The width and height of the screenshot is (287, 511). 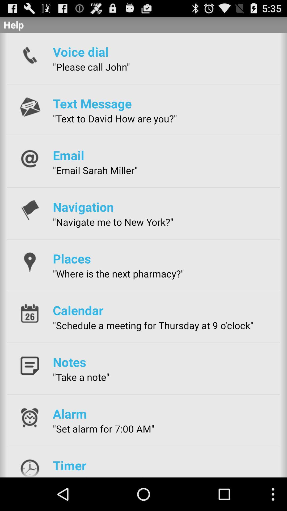 I want to click on app above "take a note" app, so click(x=69, y=362).